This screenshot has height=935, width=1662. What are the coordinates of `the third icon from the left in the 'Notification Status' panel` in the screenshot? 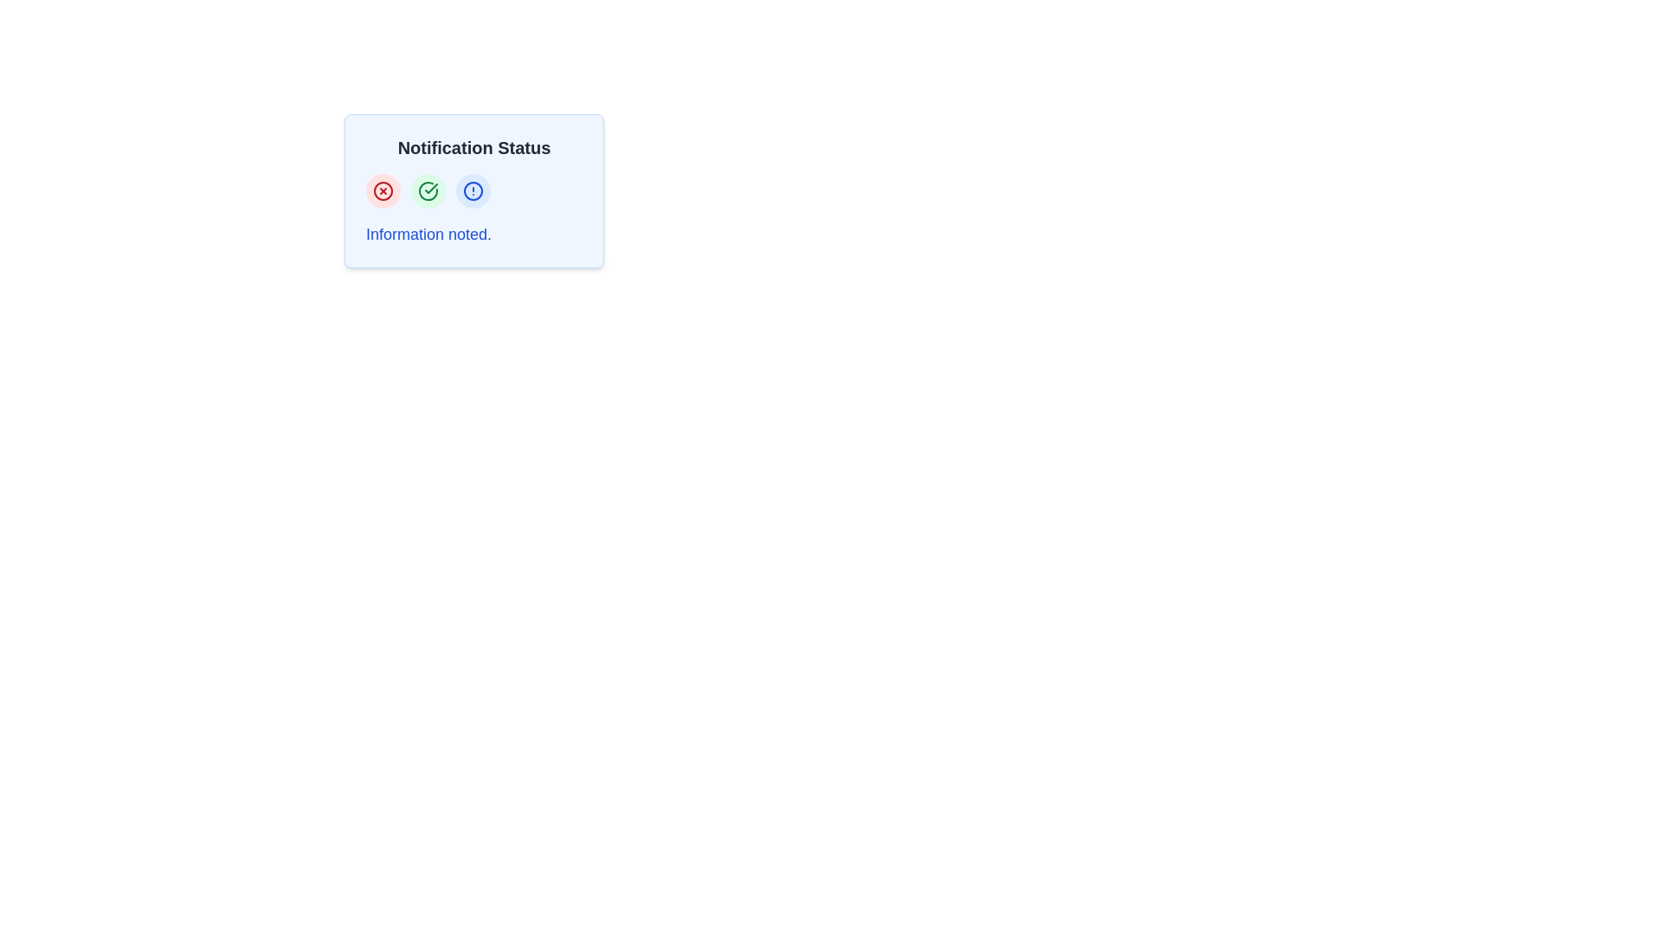 It's located at (473, 190).